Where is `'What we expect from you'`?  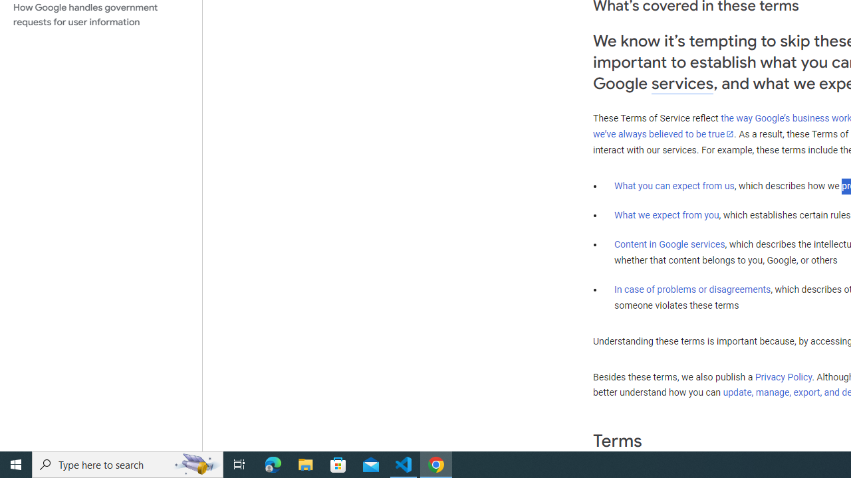 'What we expect from you' is located at coordinates (666, 214).